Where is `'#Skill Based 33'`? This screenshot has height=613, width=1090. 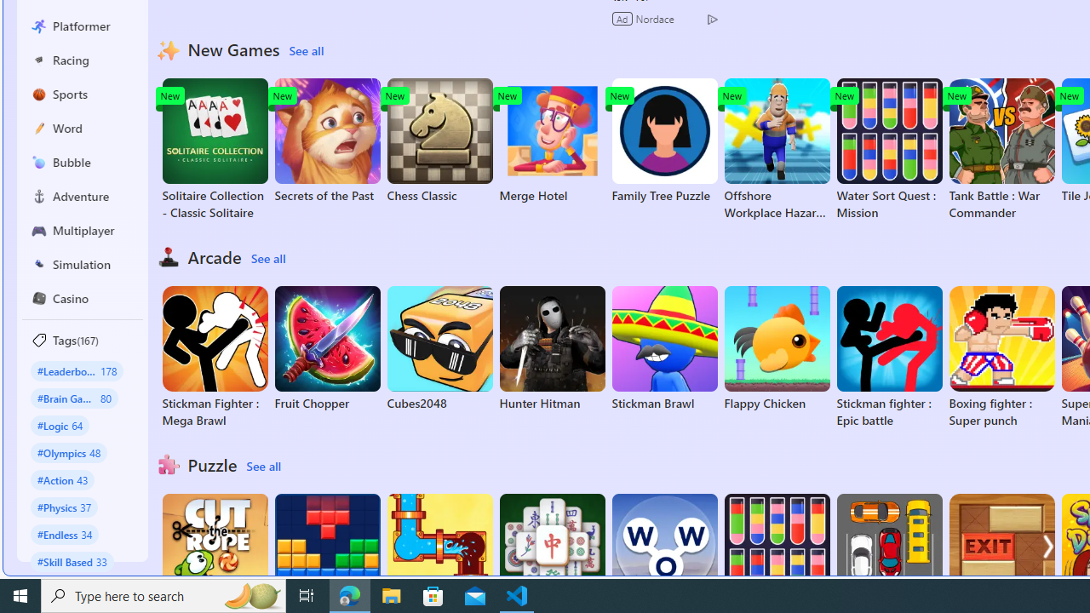 '#Skill Based 33' is located at coordinates (72, 561).